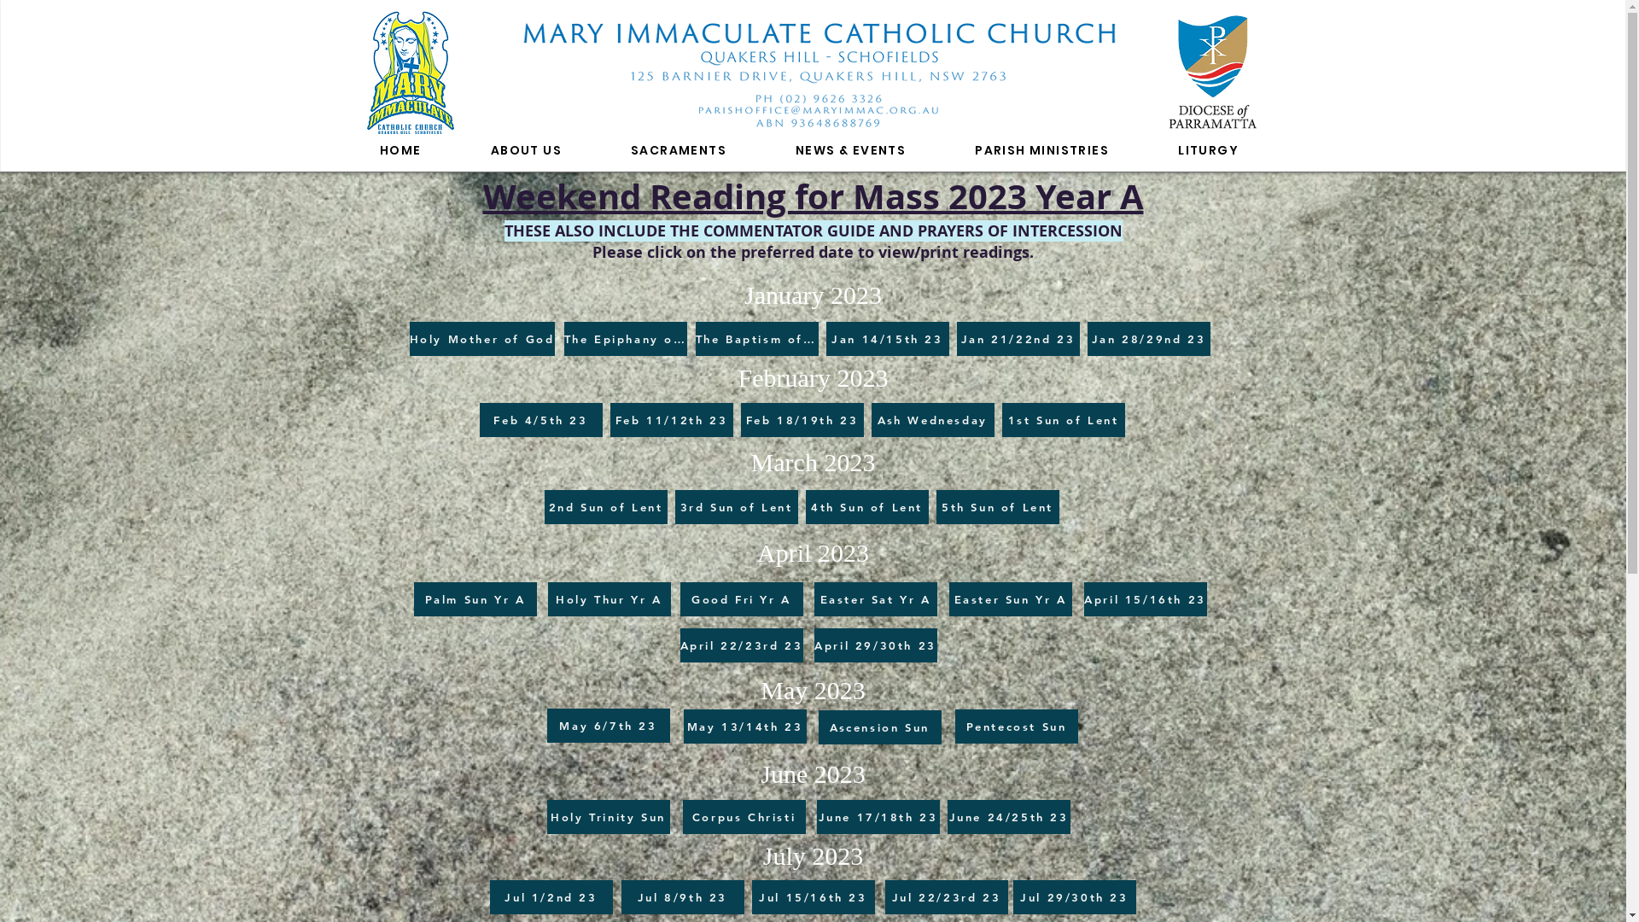 The height and width of the screenshot is (922, 1639). Describe the element at coordinates (610, 598) in the screenshot. I see `'Holy Thur Yr A'` at that location.